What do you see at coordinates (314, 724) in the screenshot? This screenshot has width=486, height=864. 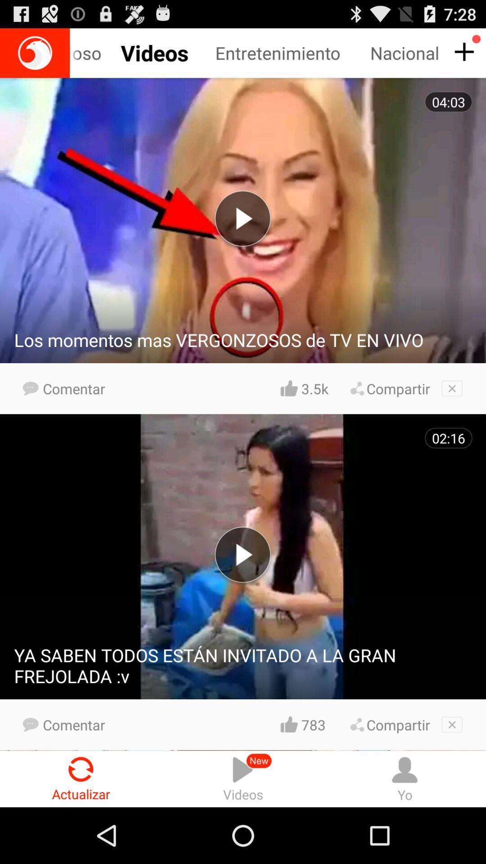 I see `the app next to compartir icon` at bounding box center [314, 724].